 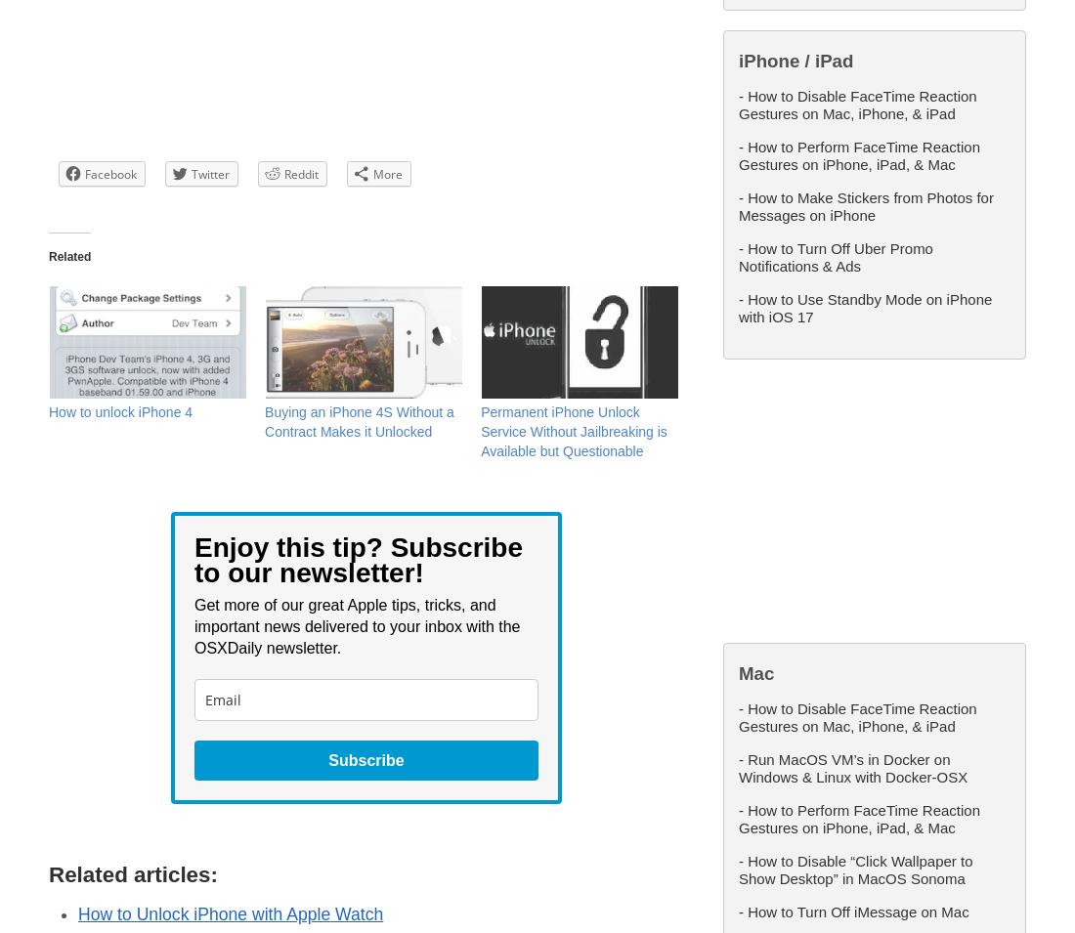 What do you see at coordinates (755, 671) in the screenshot?
I see `'Mac'` at bounding box center [755, 671].